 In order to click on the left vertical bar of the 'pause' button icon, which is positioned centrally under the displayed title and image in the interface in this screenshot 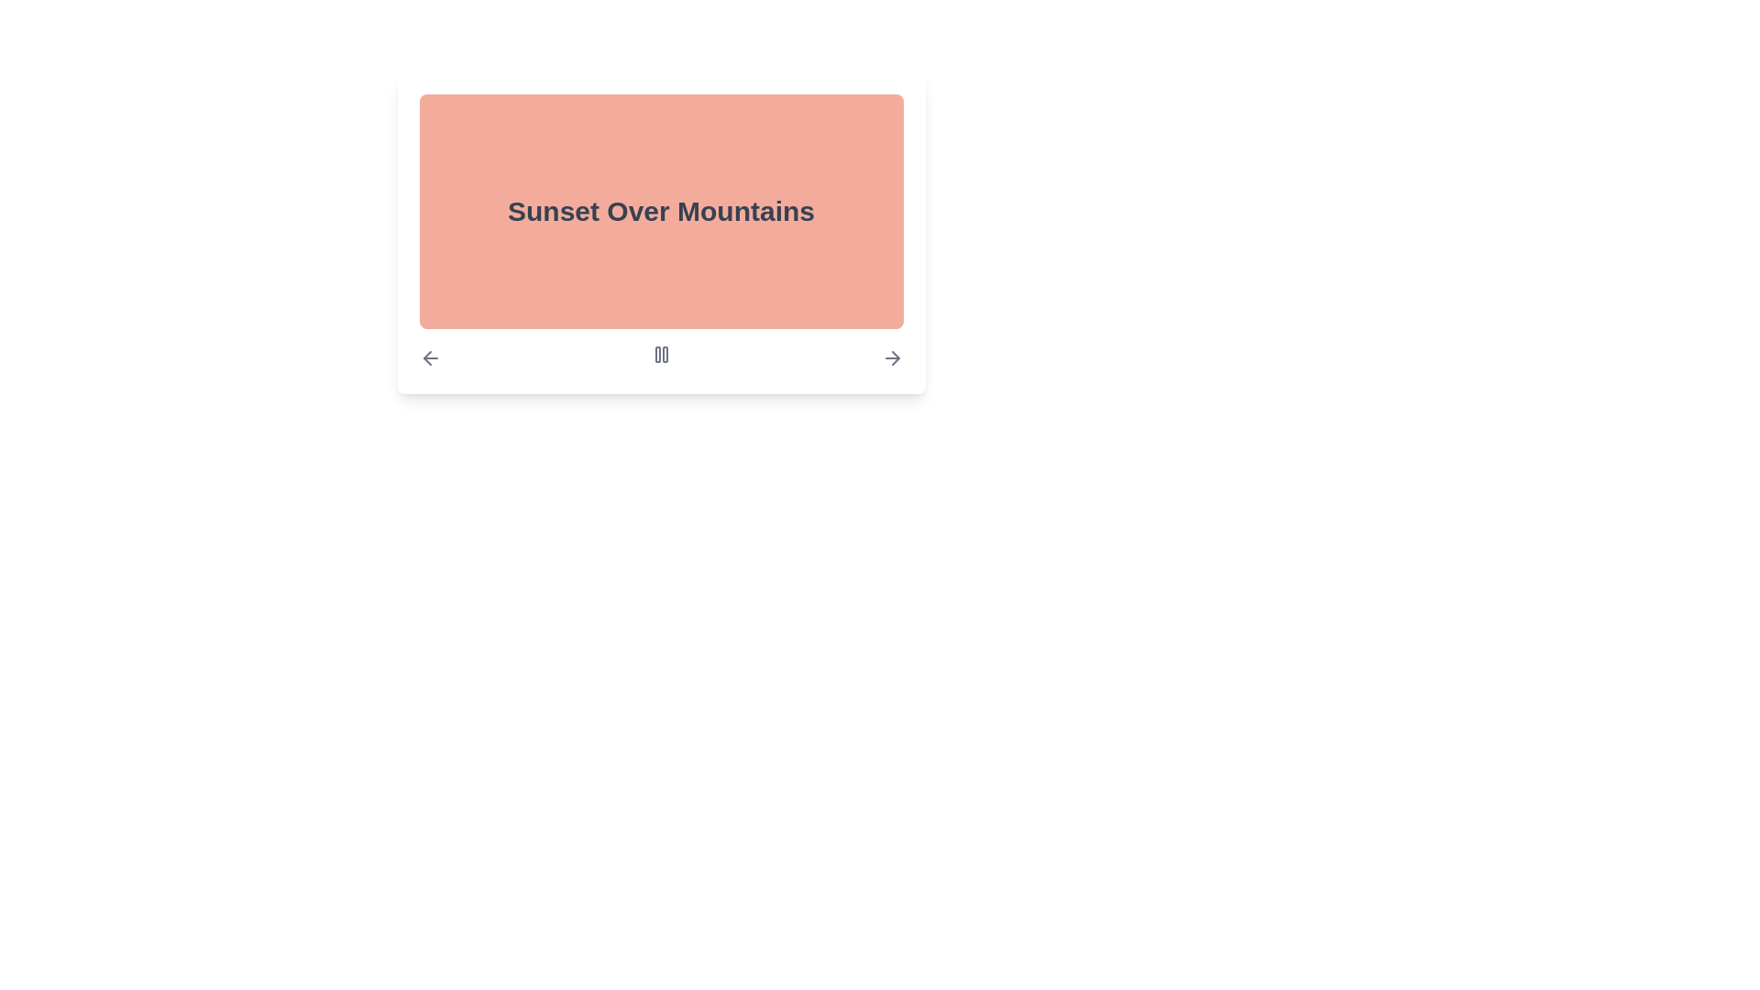, I will do `click(657, 354)`.